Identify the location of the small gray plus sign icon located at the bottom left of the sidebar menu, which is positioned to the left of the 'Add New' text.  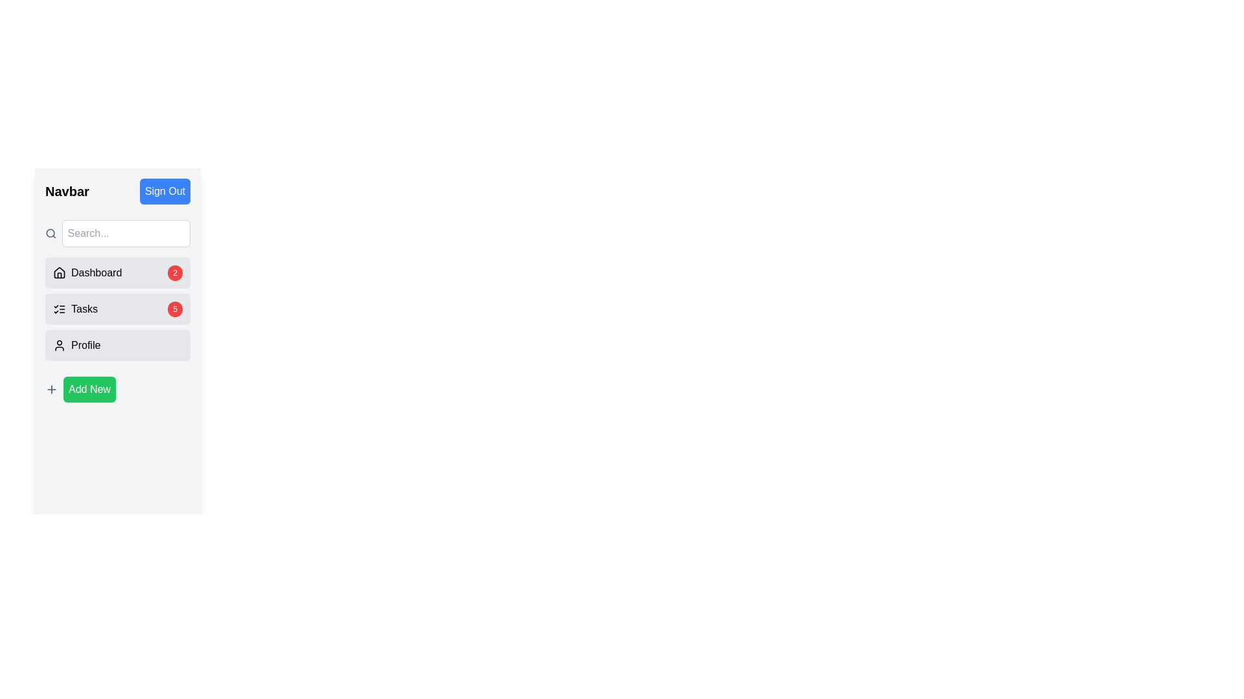
(52, 388).